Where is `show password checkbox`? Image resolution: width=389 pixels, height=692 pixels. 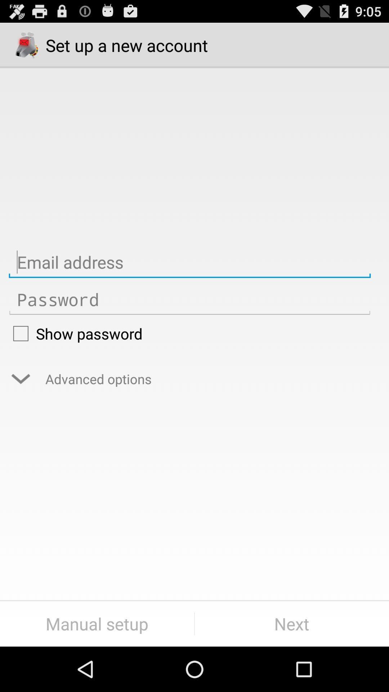
show password checkbox is located at coordinates (189, 333).